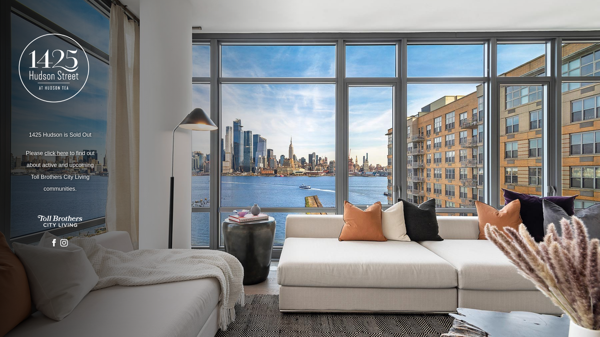 Image resolution: width=600 pixels, height=337 pixels. I want to click on 'Visit our Facebook Page', so click(52, 242).